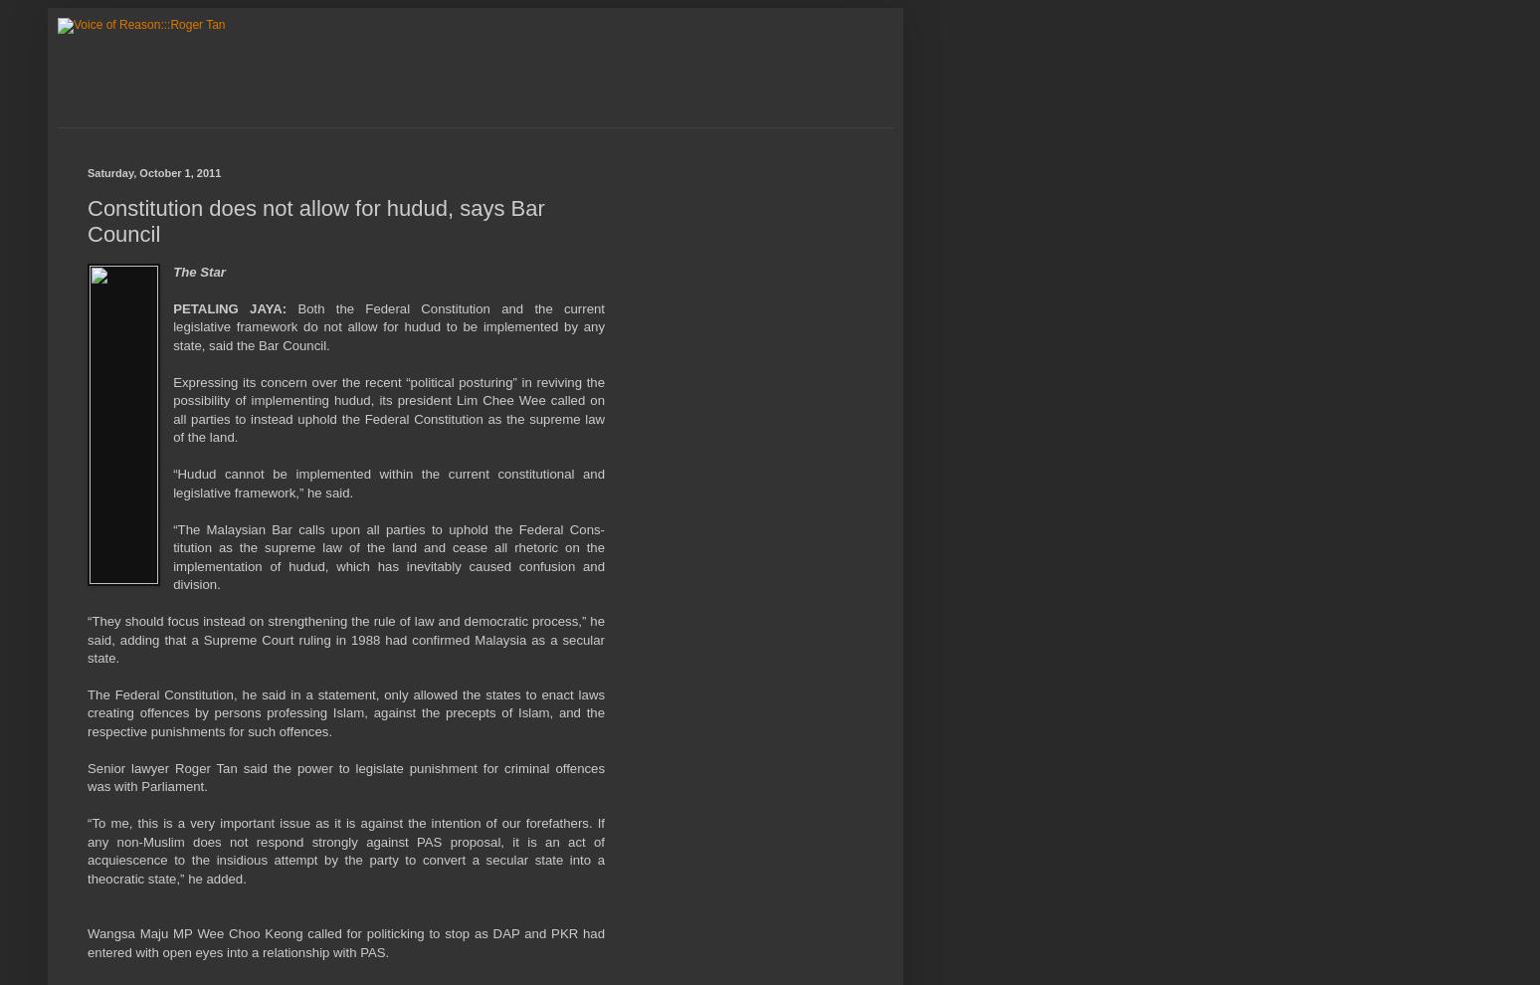  Describe the element at coordinates (345, 638) in the screenshot. I see `'“They should focus instead on strengthening the rule of law and democratic process,” he said, adding that a Supreme Court ruling in 1988 had confirmed Malaysia as a secular state.'` at that location.